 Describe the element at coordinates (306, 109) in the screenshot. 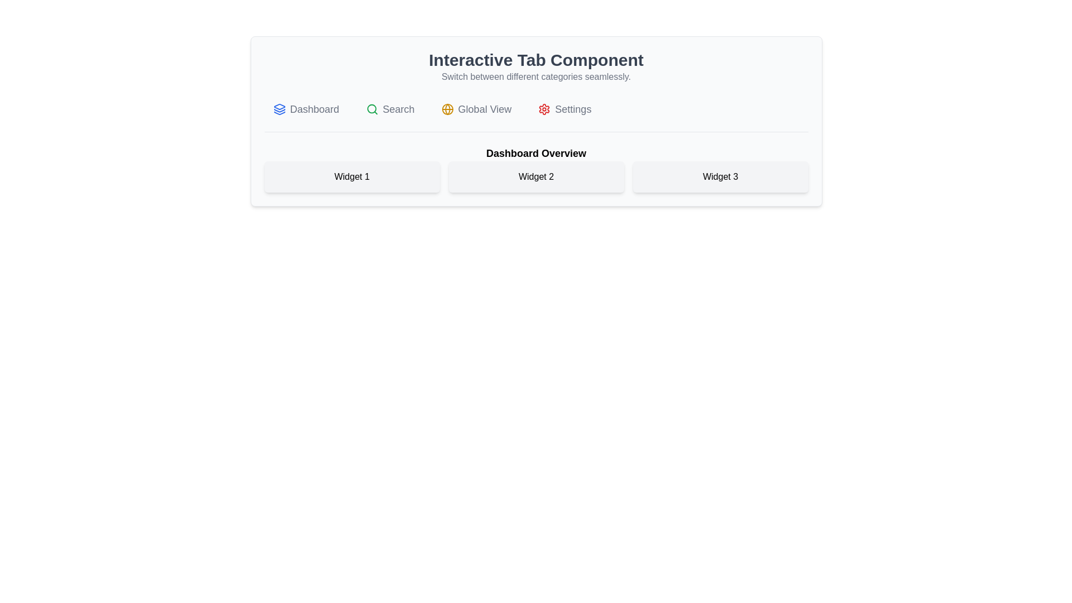

I see `the 'Dashboard' button, which is the first button in a horizontal row at the top of the interface, featuring a blue stacked layers icon to its left` at that location.